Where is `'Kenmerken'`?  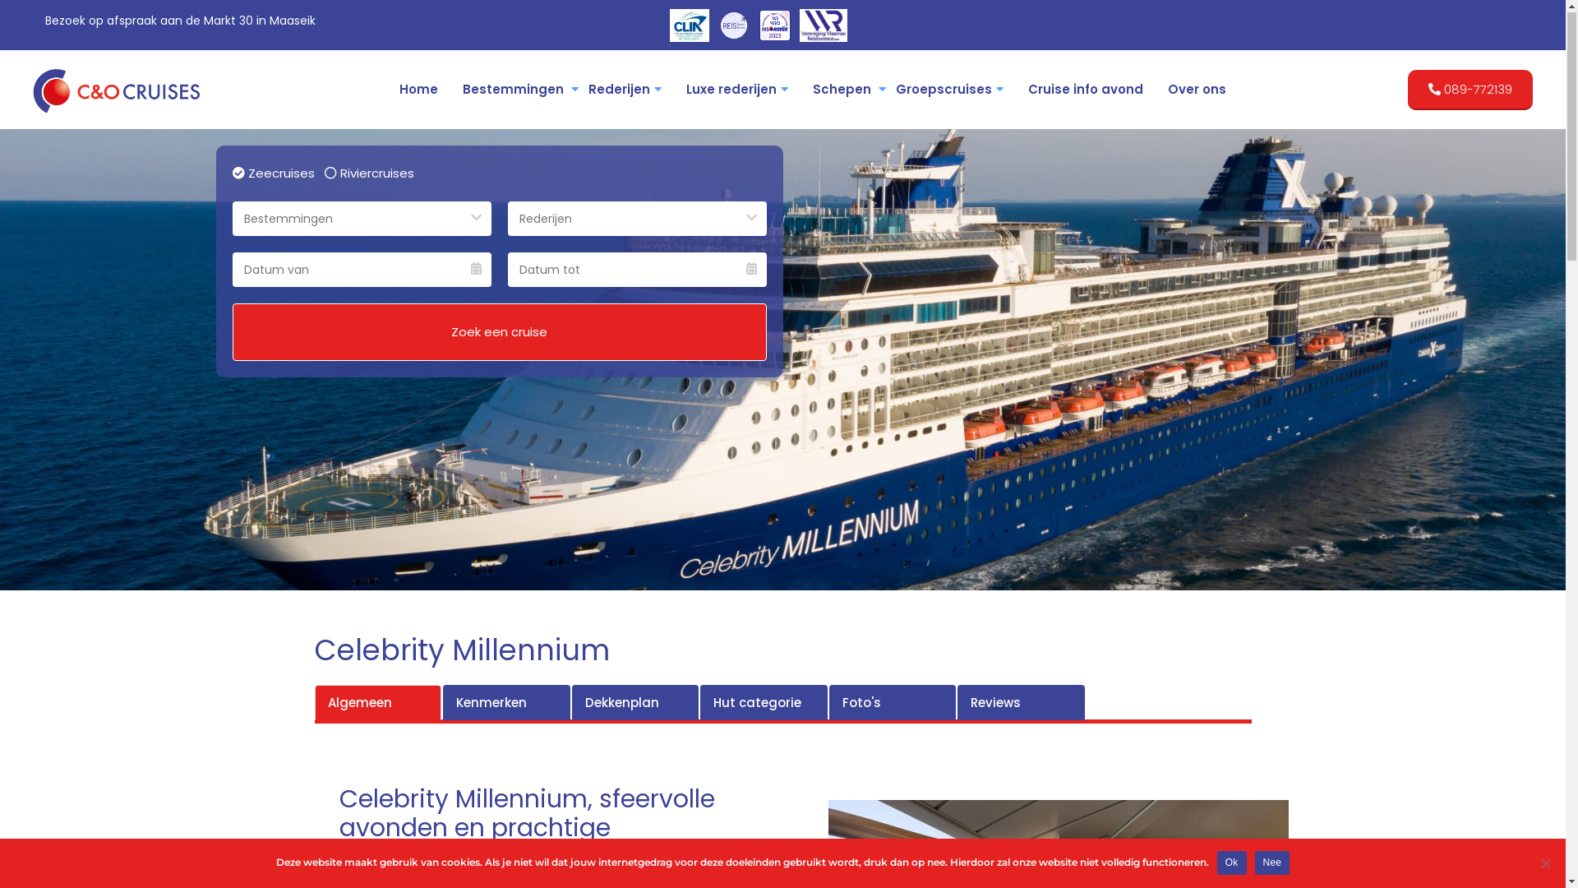 'Kenmerken' is located at coordinates (505, 703).